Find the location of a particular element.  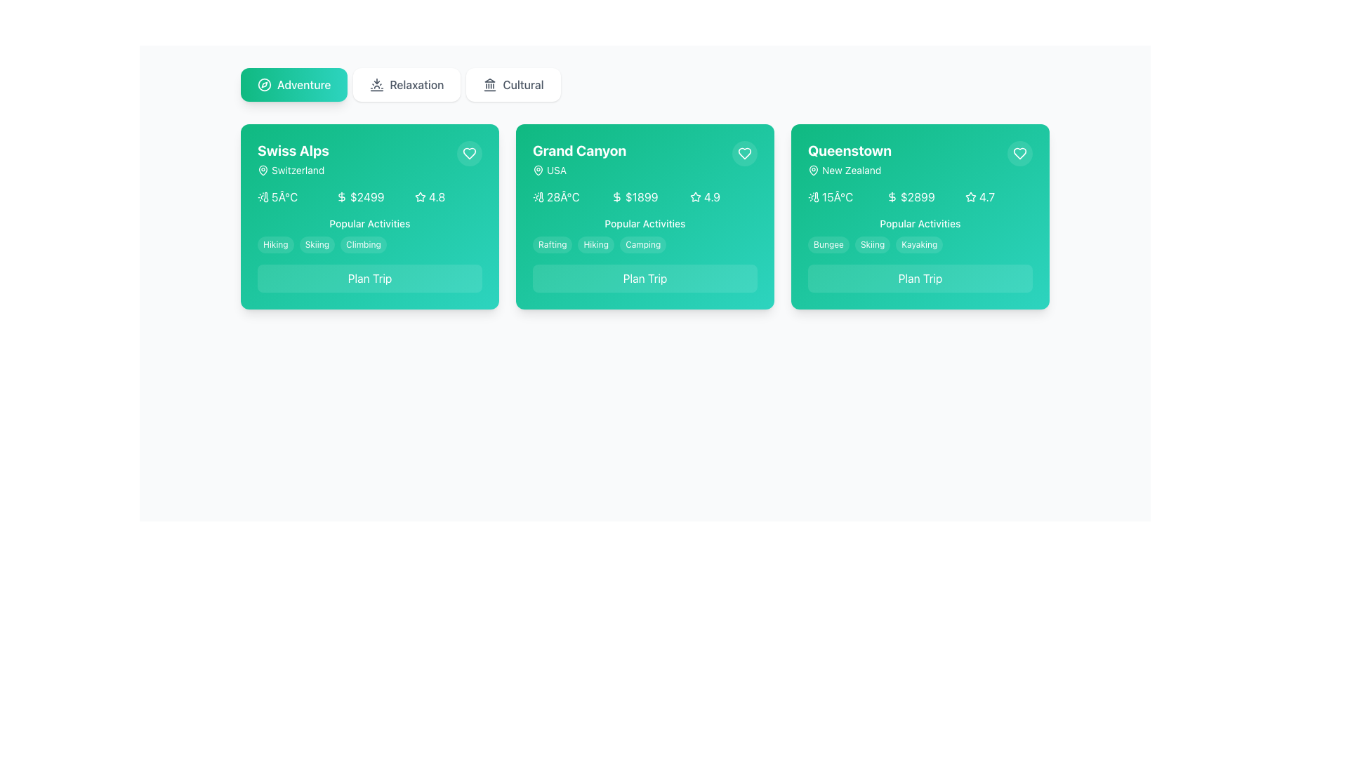

the minimalist dollar sign icon located to the left of the text '$1899' in the 'Grand Canyon' card's pricing section is located at coordinates (616, 197).